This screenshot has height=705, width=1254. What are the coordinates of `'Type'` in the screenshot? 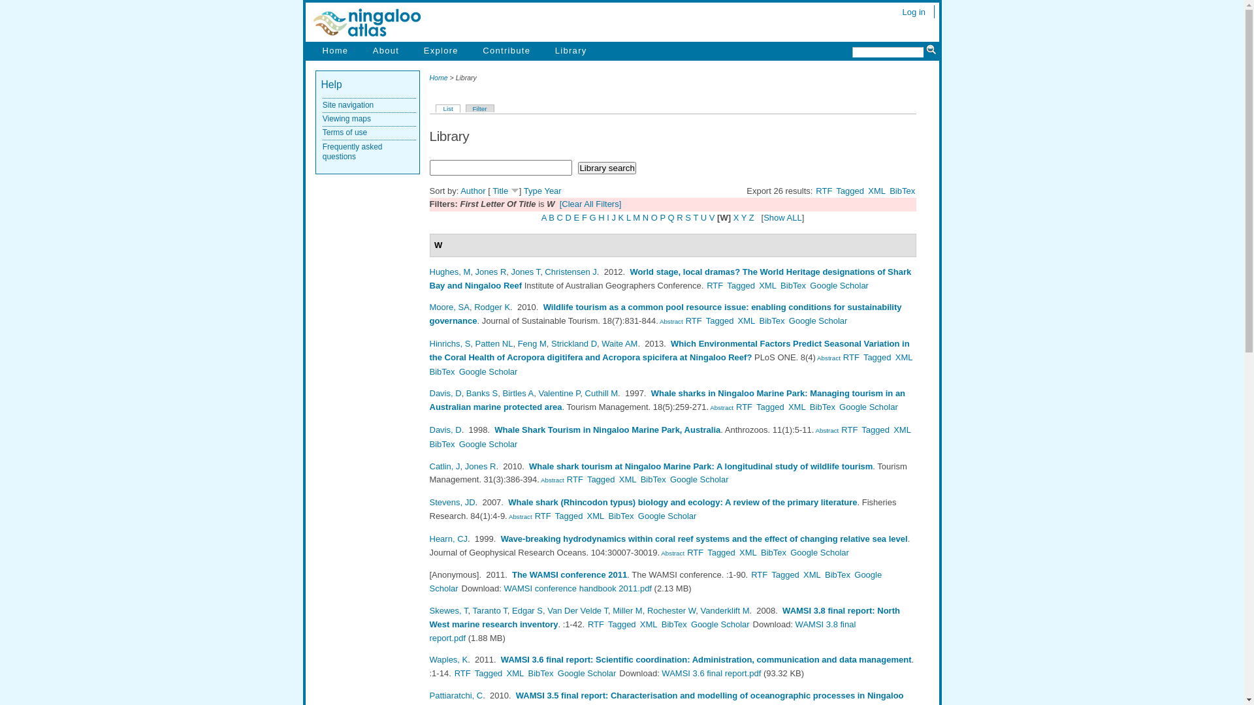 It's located at (523, 191).